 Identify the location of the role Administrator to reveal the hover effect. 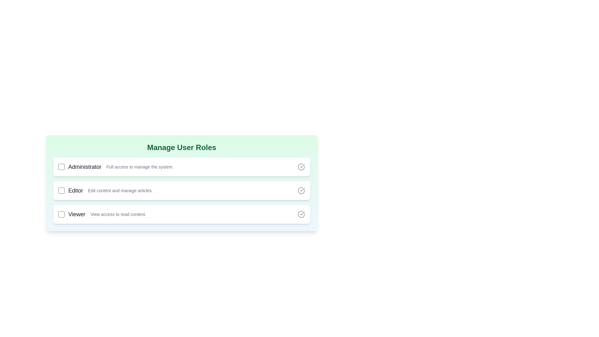
(181, 167).